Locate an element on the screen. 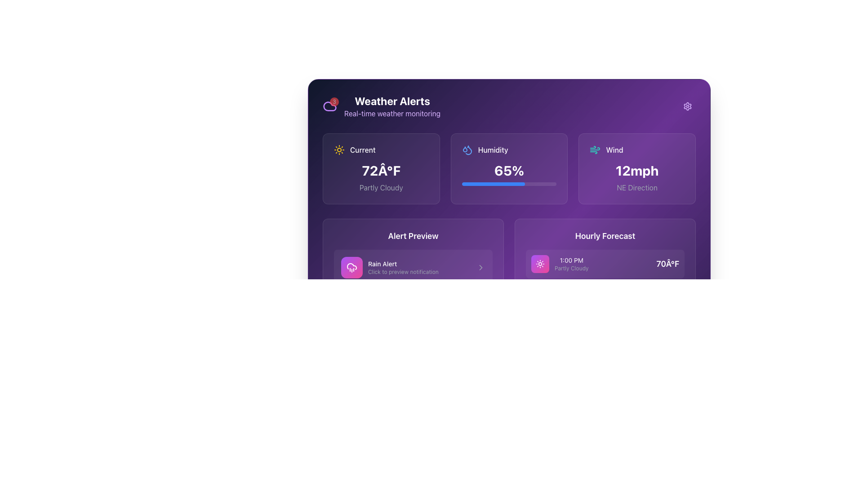  the Text label that provides a descriptive hint for the 'Rain Alert' notification, located within the 'Alert Preview' card, below and aligned to the left of the 'Rain Alert' label is located at coordinates (419, 271).